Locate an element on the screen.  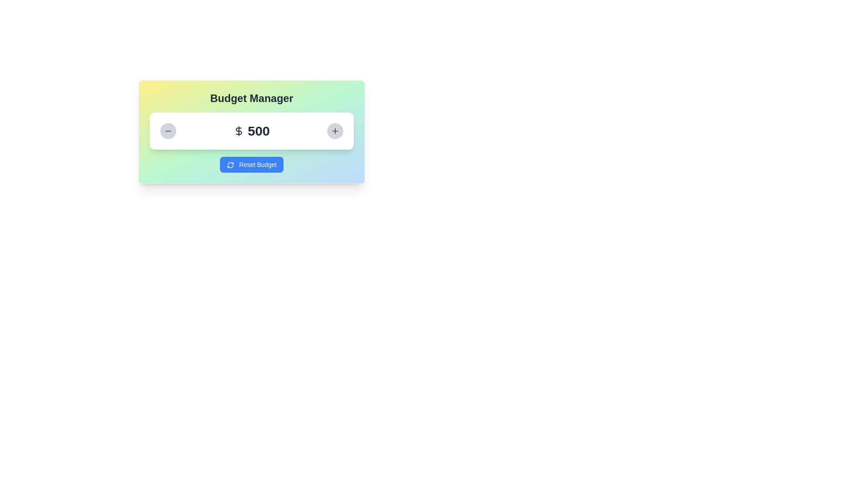
the horizontal minus sign icon within the rounded button is located at coordinates (168, 131).